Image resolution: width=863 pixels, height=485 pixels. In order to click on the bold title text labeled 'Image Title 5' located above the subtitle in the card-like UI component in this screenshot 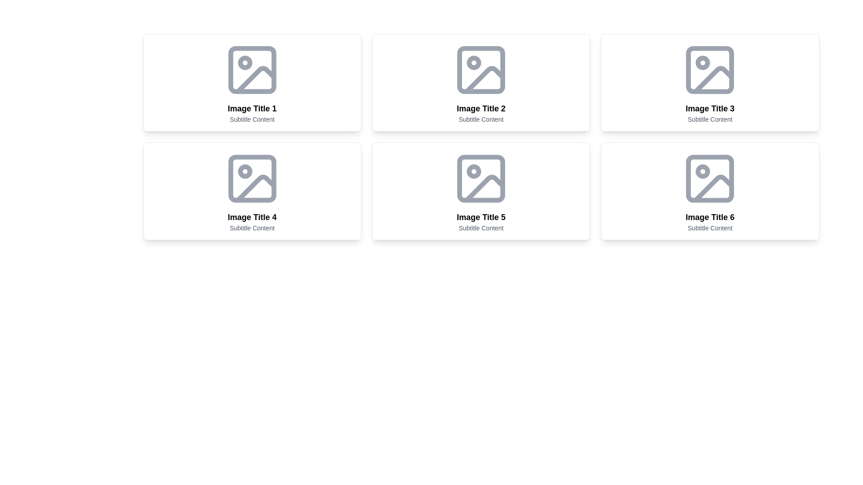, I will do `click(480, 217)`.